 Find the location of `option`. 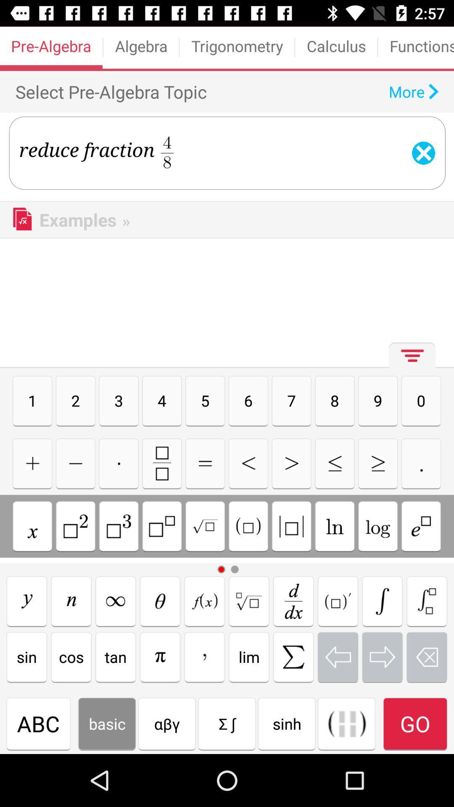

option is located at coordinates (204, 601).